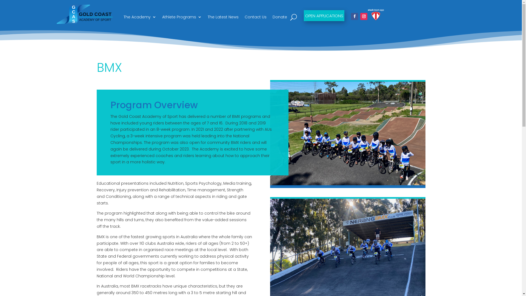  What do you see at coordinates (85, 15) in the screenshot?
I see `'GCAS LOGO FINAL SVG'` at bounding box center [85, 15].